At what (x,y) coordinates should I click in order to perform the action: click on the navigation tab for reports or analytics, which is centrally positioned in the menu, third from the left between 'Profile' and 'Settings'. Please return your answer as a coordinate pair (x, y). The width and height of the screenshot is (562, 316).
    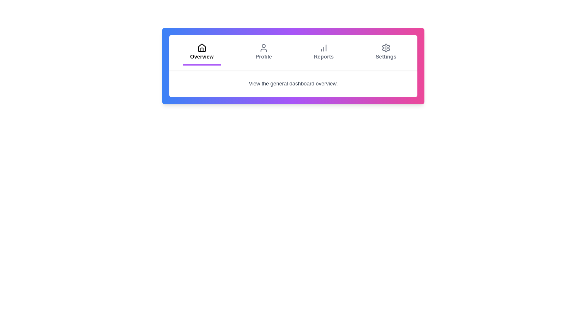
    Looking at the image, I should click on (323, 53).